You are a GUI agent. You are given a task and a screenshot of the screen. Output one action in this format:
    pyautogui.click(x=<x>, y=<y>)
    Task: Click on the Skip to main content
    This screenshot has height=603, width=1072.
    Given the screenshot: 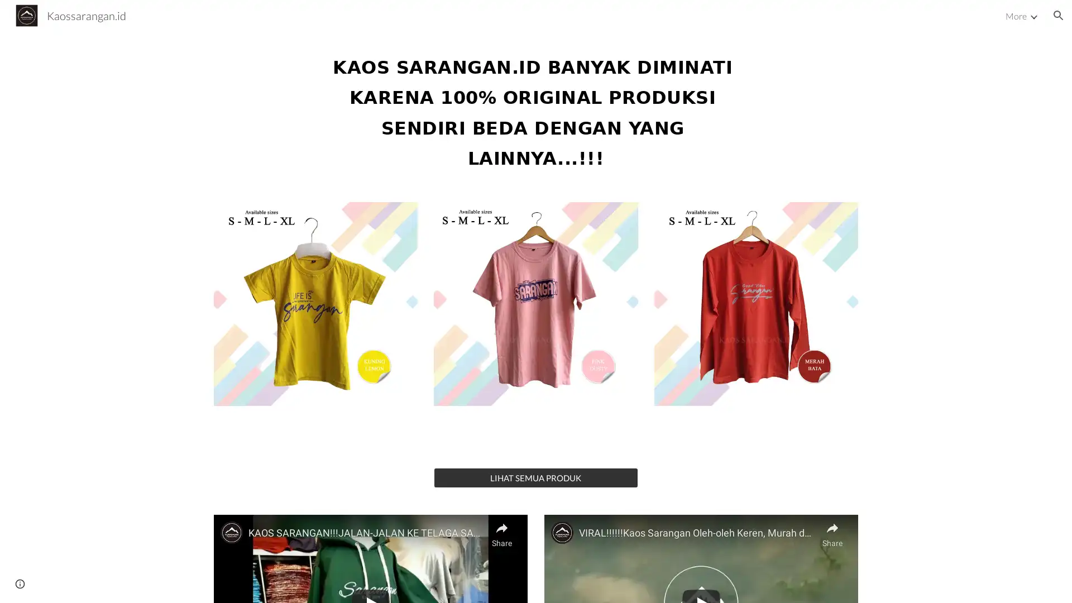 What is the action you would take?
    pyautogui.click(x=439, y=21)
    